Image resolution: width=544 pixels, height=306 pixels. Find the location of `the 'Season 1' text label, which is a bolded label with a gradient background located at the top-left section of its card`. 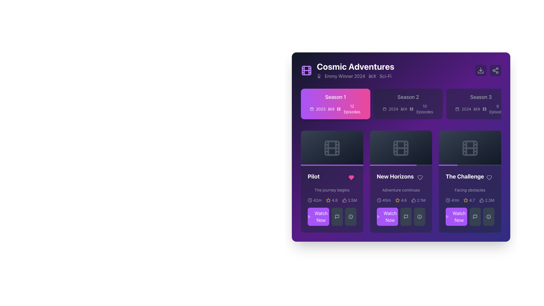

the 'Season 1' text label, which is a bolded label with a gradient background located at the top-left section of its card is located at coordinates (335, 97).